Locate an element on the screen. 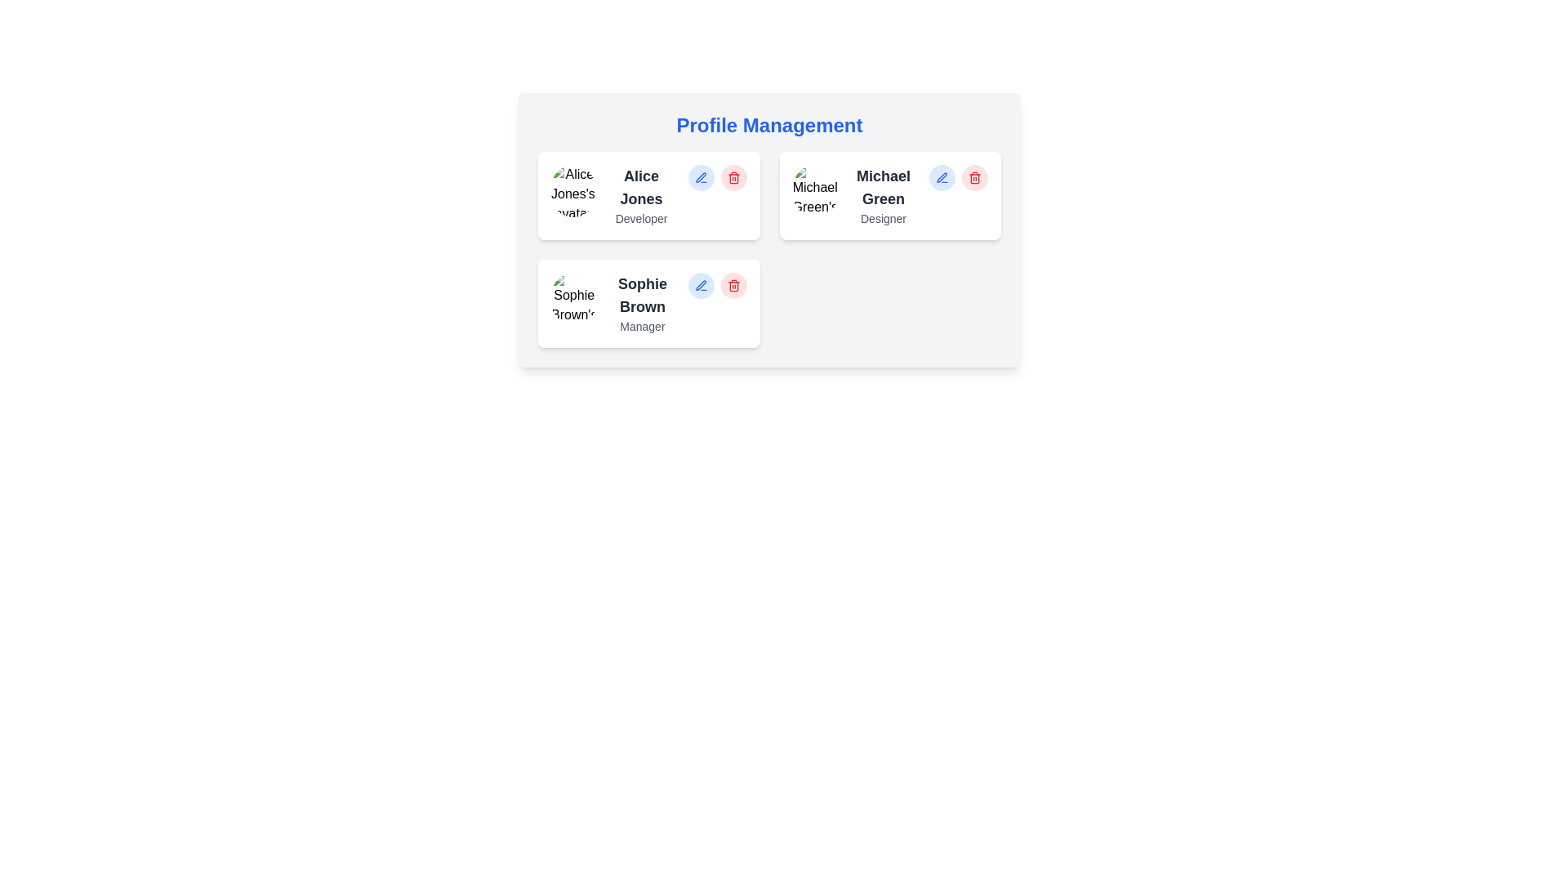 This screenshot has width=1568, height=882. the text label 'Designer', which is styled in gray and positioned below the label 'Michael Green' within the card layout is located at coordinates (883, 217).